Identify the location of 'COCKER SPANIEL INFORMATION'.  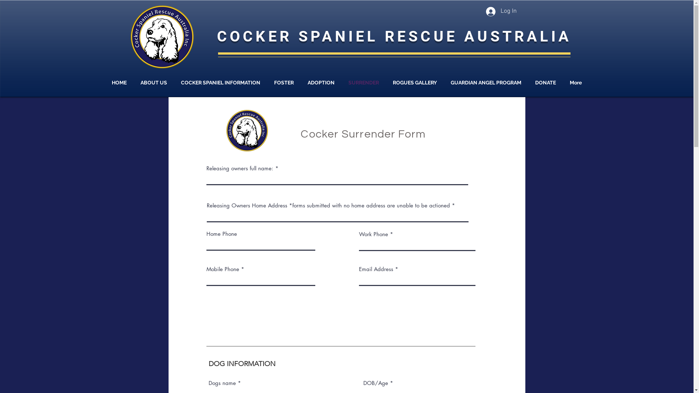
(220, 82).